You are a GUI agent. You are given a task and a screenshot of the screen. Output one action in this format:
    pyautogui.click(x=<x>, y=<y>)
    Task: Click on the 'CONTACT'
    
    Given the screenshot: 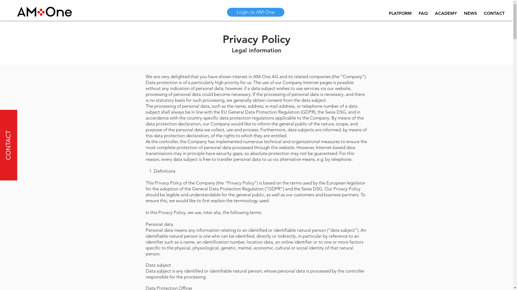 What is the action you would take?
    pyautogui.click(x=494, y=13)
    